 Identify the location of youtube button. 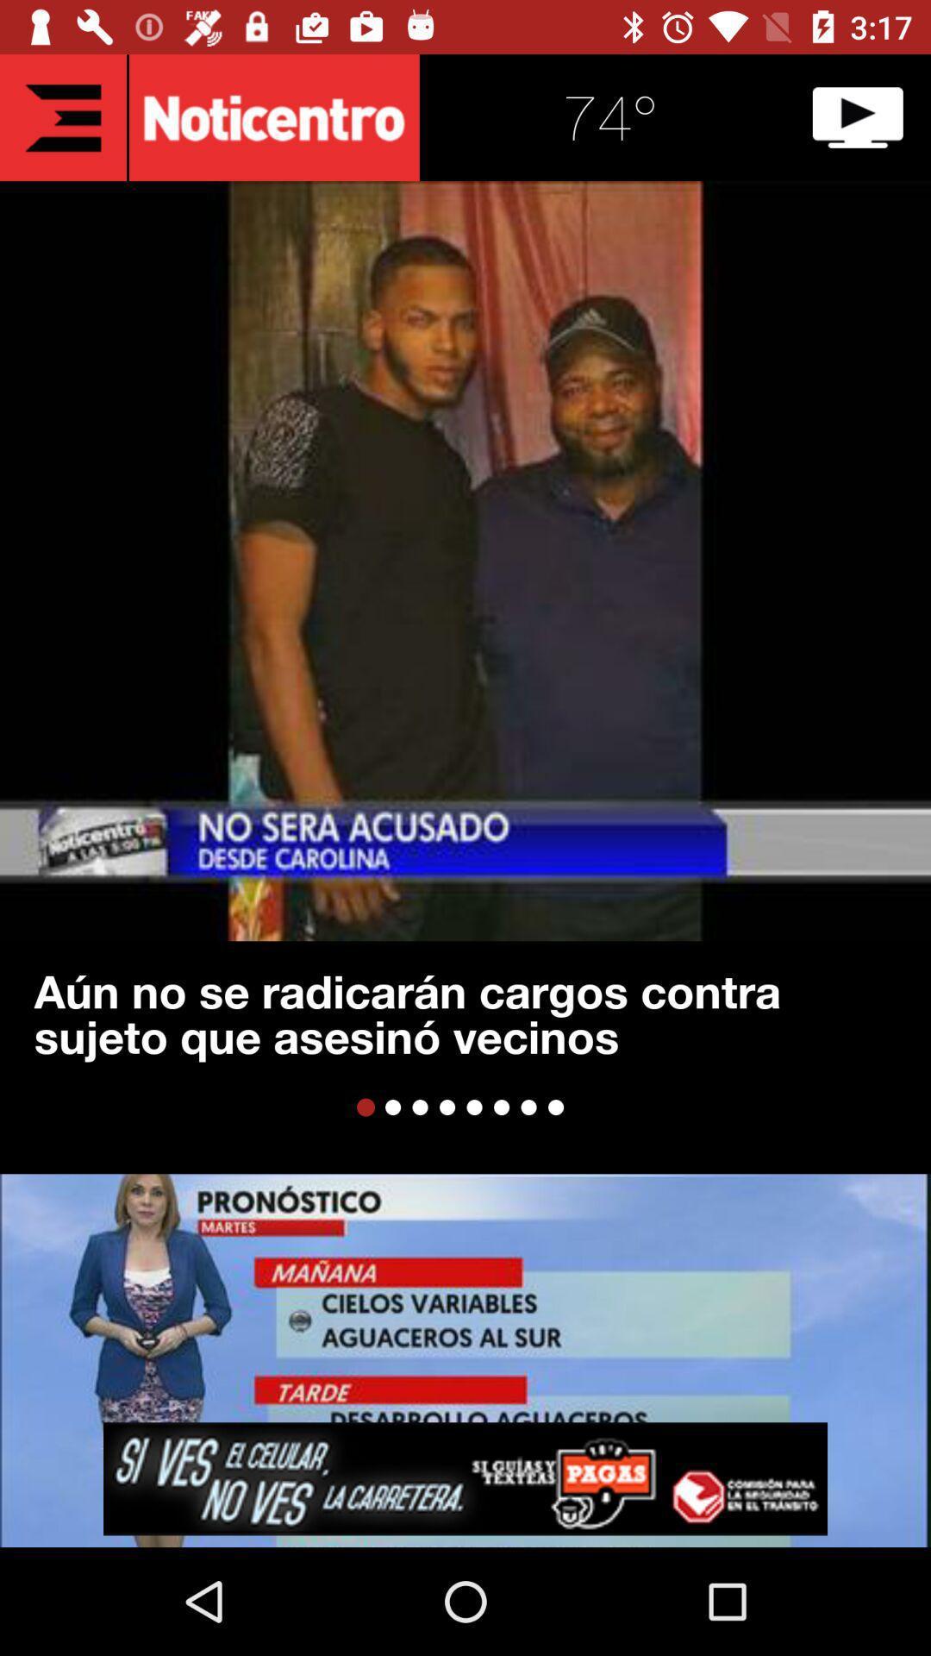
(858, 116).